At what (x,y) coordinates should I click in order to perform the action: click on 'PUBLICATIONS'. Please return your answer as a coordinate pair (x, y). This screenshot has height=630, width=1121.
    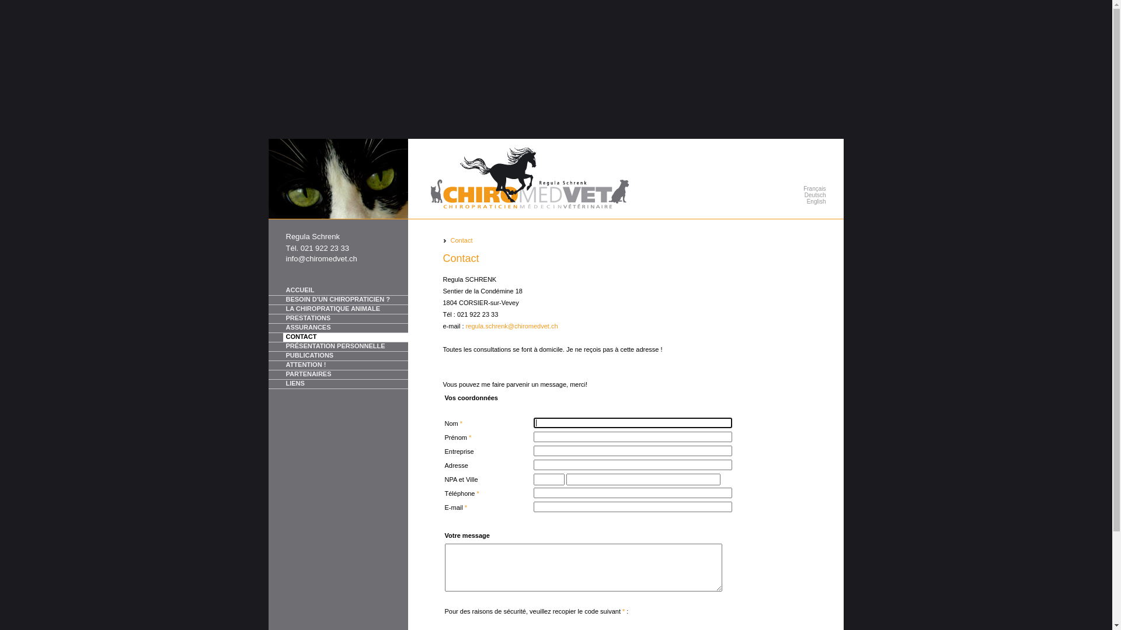
    Looking at the image, I should click on (337, 355).